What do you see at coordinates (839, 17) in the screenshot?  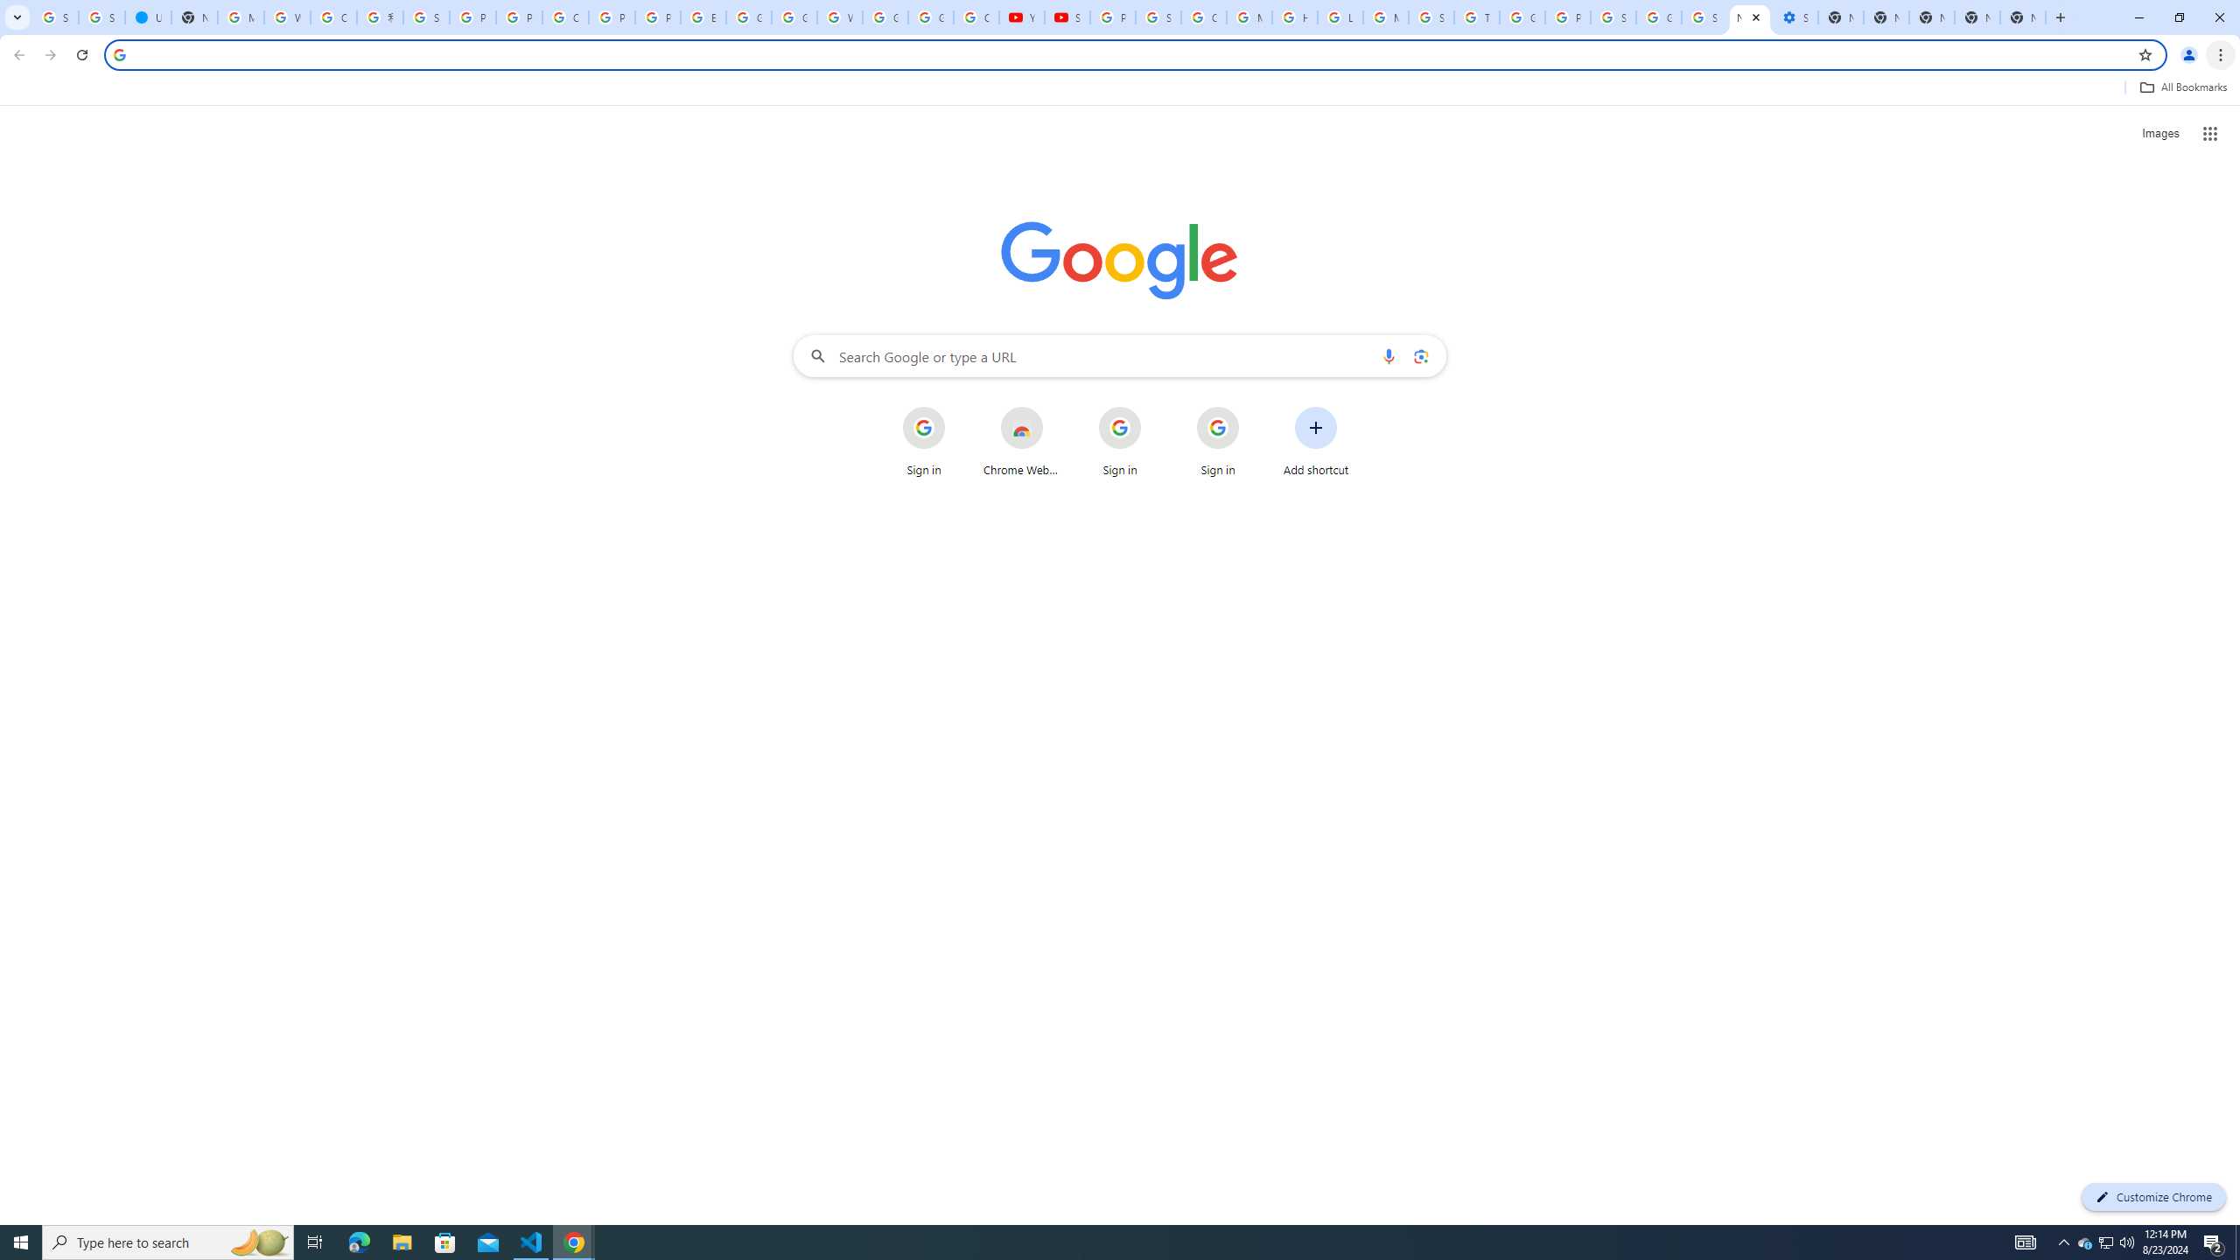 I see `'Welcome to My Activity'` at bounding box center [839, 17].